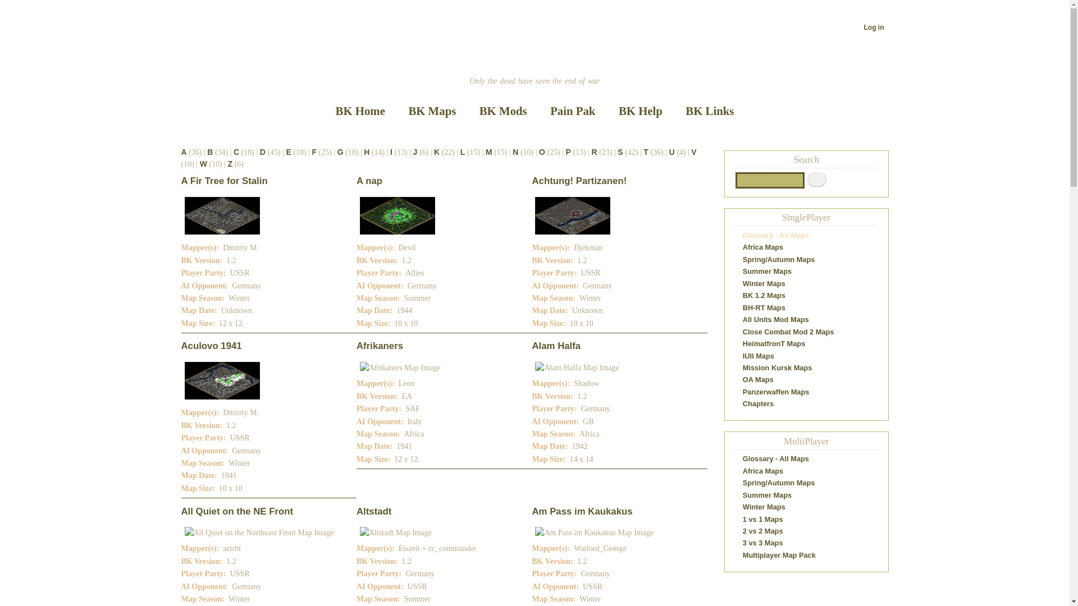 This screenshot has height=606, width=1078. Describe the element at coordinates (183, 151) in the screenshot. I see `'A'` at that location.